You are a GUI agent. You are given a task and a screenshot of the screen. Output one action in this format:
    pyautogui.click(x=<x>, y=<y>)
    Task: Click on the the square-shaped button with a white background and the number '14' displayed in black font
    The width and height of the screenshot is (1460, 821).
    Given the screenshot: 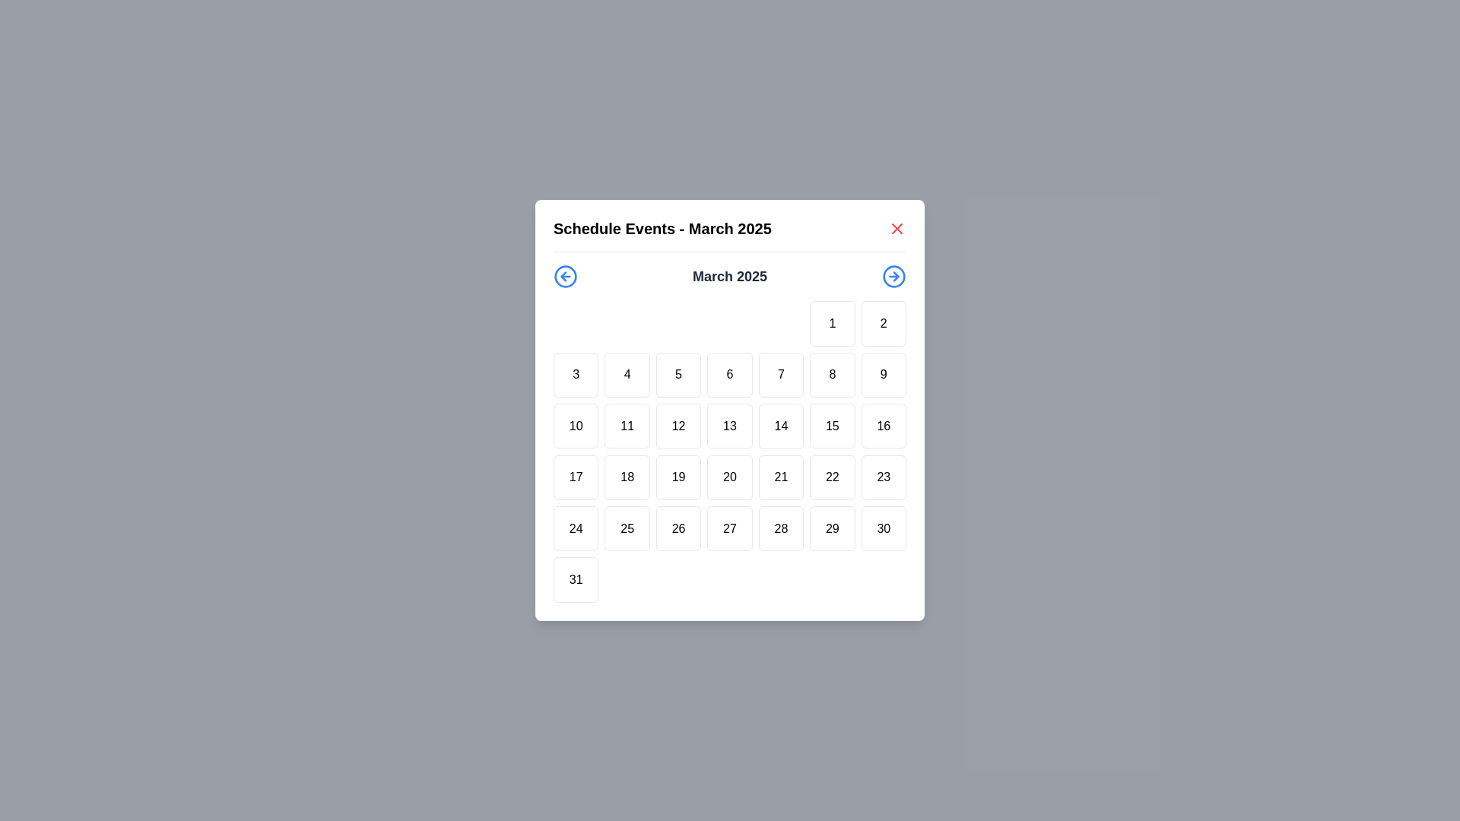 What is the action you would take?
    pyautogui.click(x=781, y=426)
    